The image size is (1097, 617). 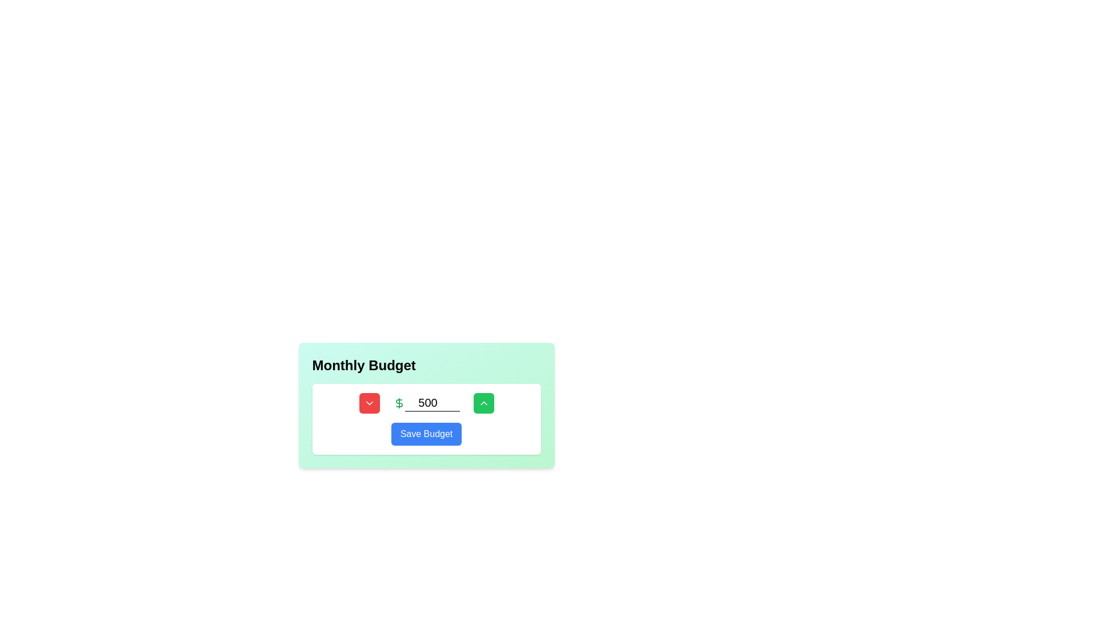 I want to click on the dollar sign icon, which is green and has a minimalist design, located to the left of a numeric input field, so click(x=399, y=402).